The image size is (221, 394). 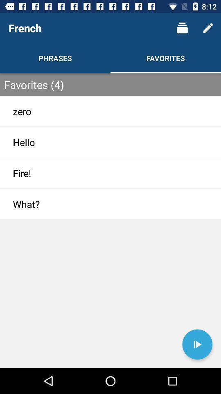 What do you see at coordinates (182, 28) in the screenshot?
I see `the item to the right of french icon` at bounding box center [182, 28].